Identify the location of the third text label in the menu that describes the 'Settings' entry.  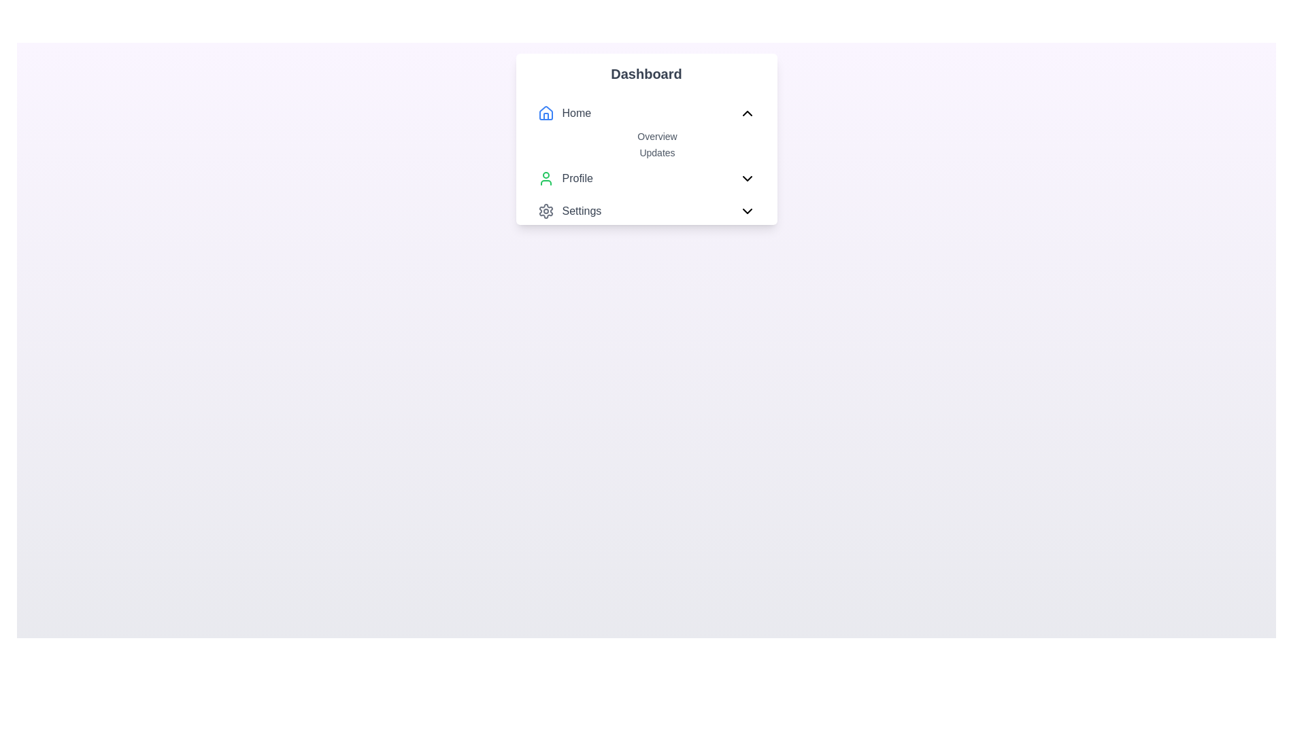
(582, 211).